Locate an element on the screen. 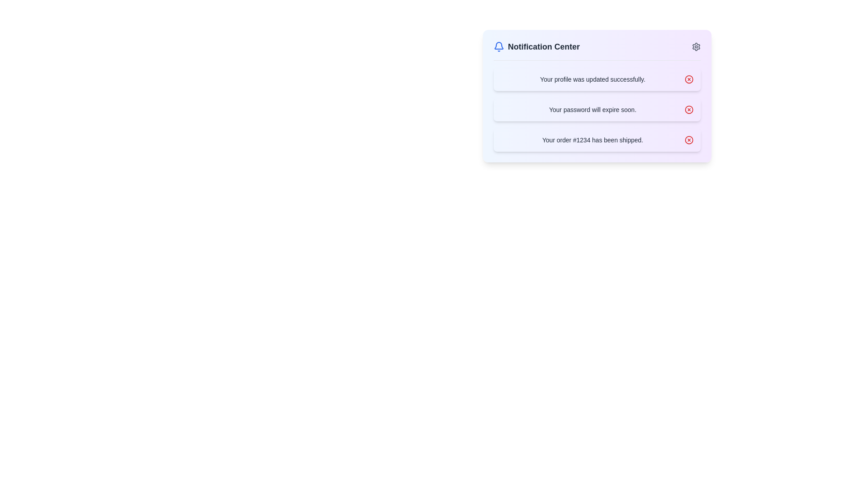  the Cancel/Dismiss icon button located to the right of the message text 'Your password will expire soon' in the Notification Center is located at coordinates (689, 109).